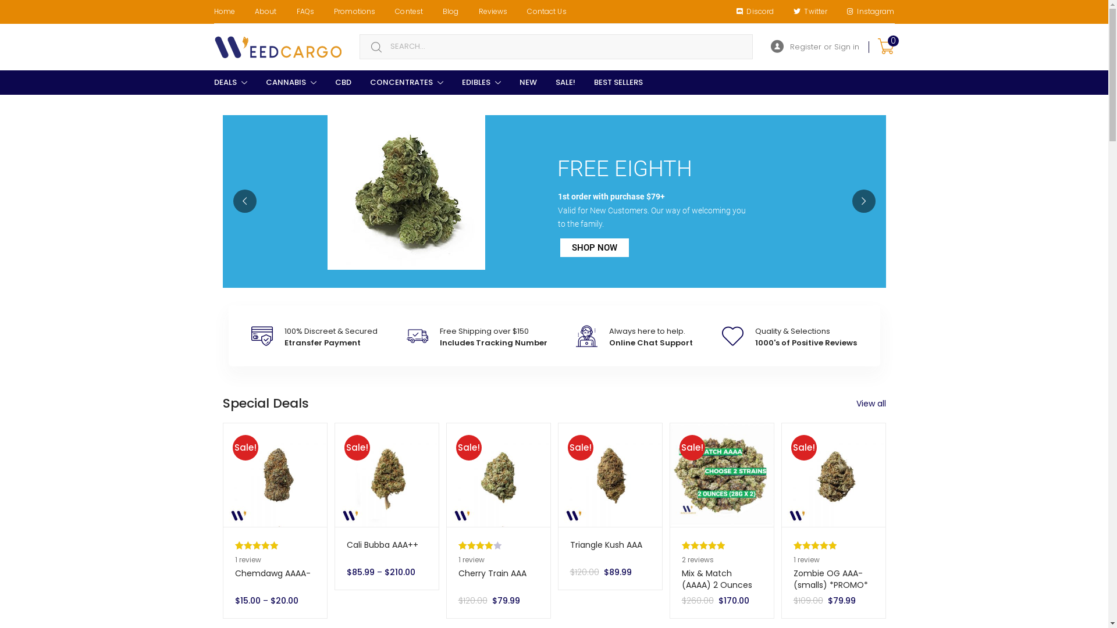 The width and height of the screenshot is (1117, 628). Describe the element at coordinates (493, 11) in the screenshot. I see `'Reviews'` at that location.